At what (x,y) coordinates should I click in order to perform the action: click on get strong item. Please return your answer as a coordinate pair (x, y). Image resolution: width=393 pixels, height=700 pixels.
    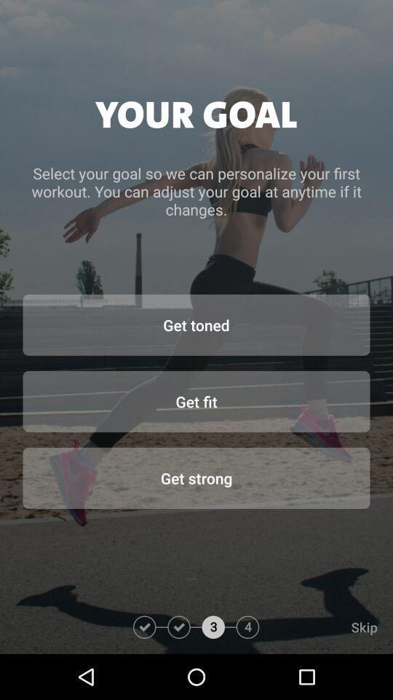
    Looking at the image, I should click on (196, 477).